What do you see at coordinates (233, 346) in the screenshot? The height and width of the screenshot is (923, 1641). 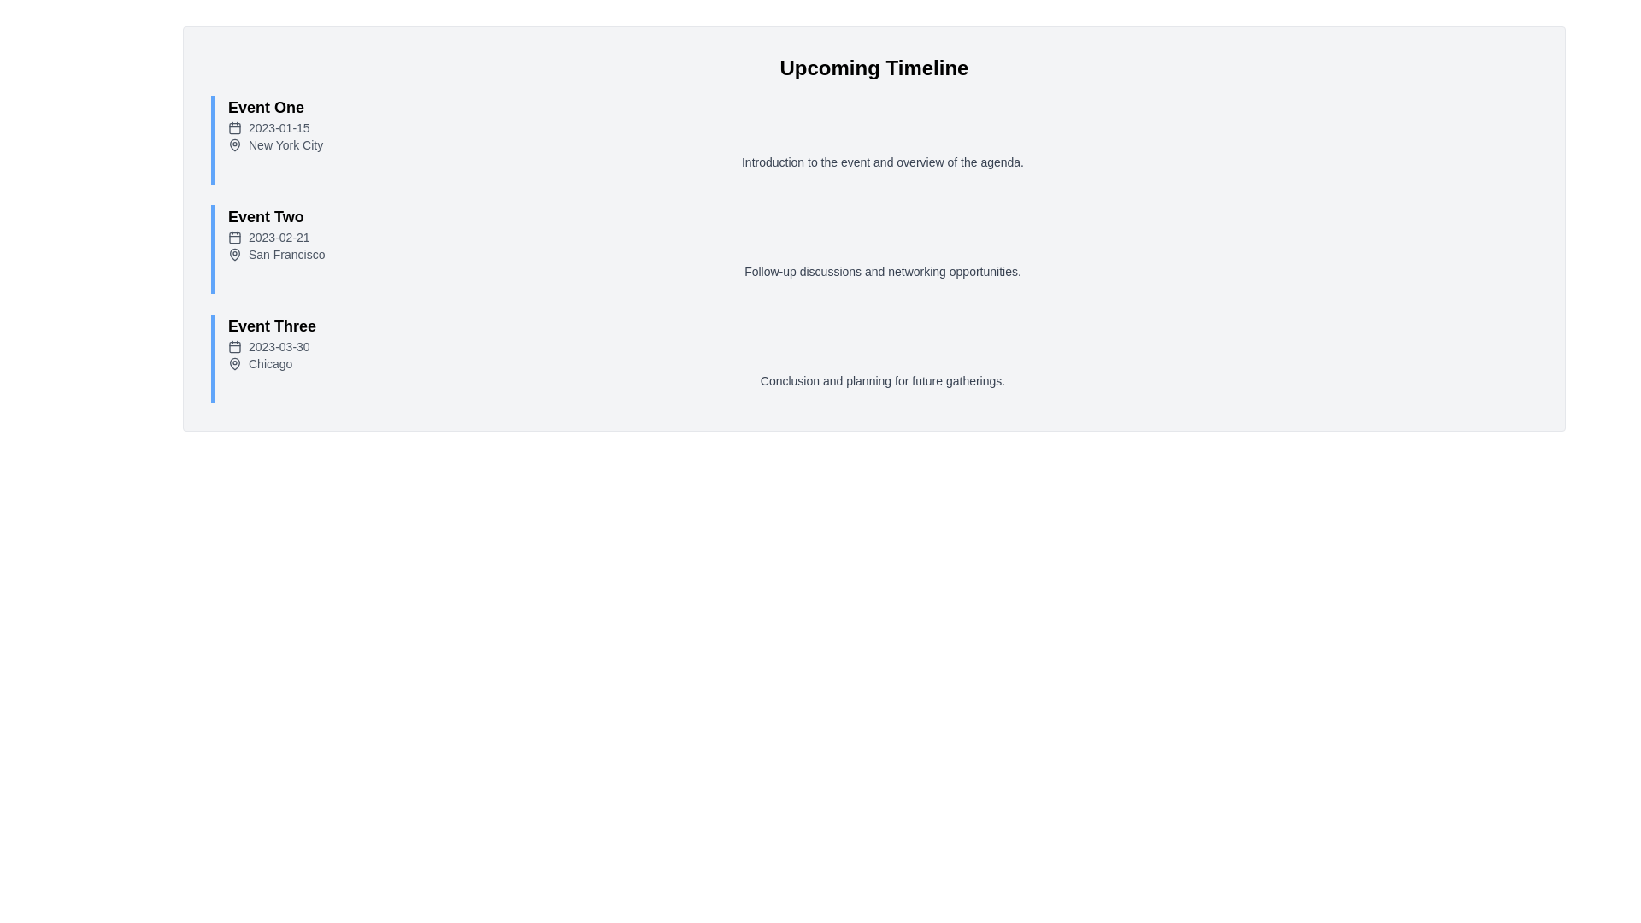 I see `the calendar icon located to the left of the date '2023-03-30' under the 'Event Three' title in the events list` at bounding box center [233, 346].